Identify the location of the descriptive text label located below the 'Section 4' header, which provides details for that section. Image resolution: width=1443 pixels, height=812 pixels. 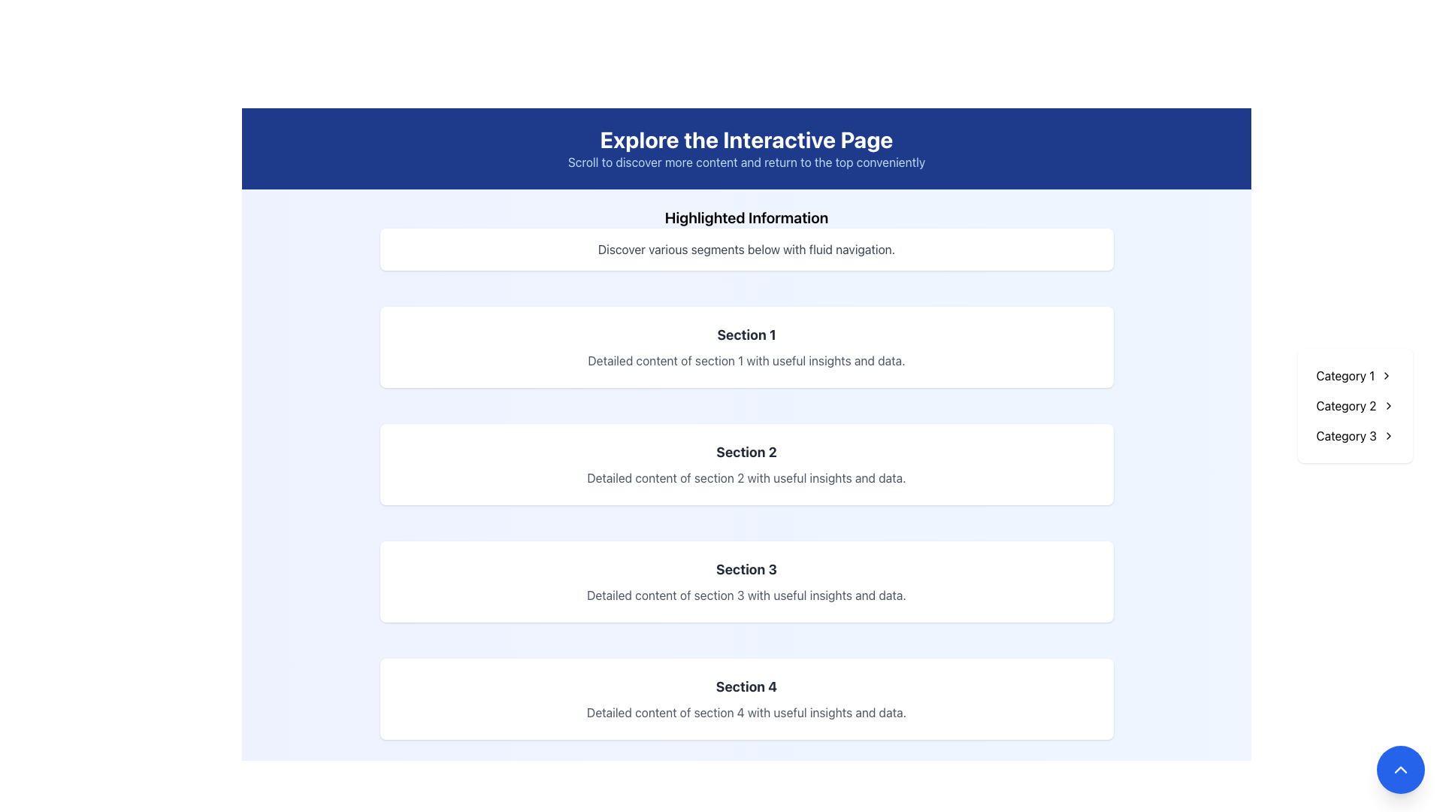
(746, 712).